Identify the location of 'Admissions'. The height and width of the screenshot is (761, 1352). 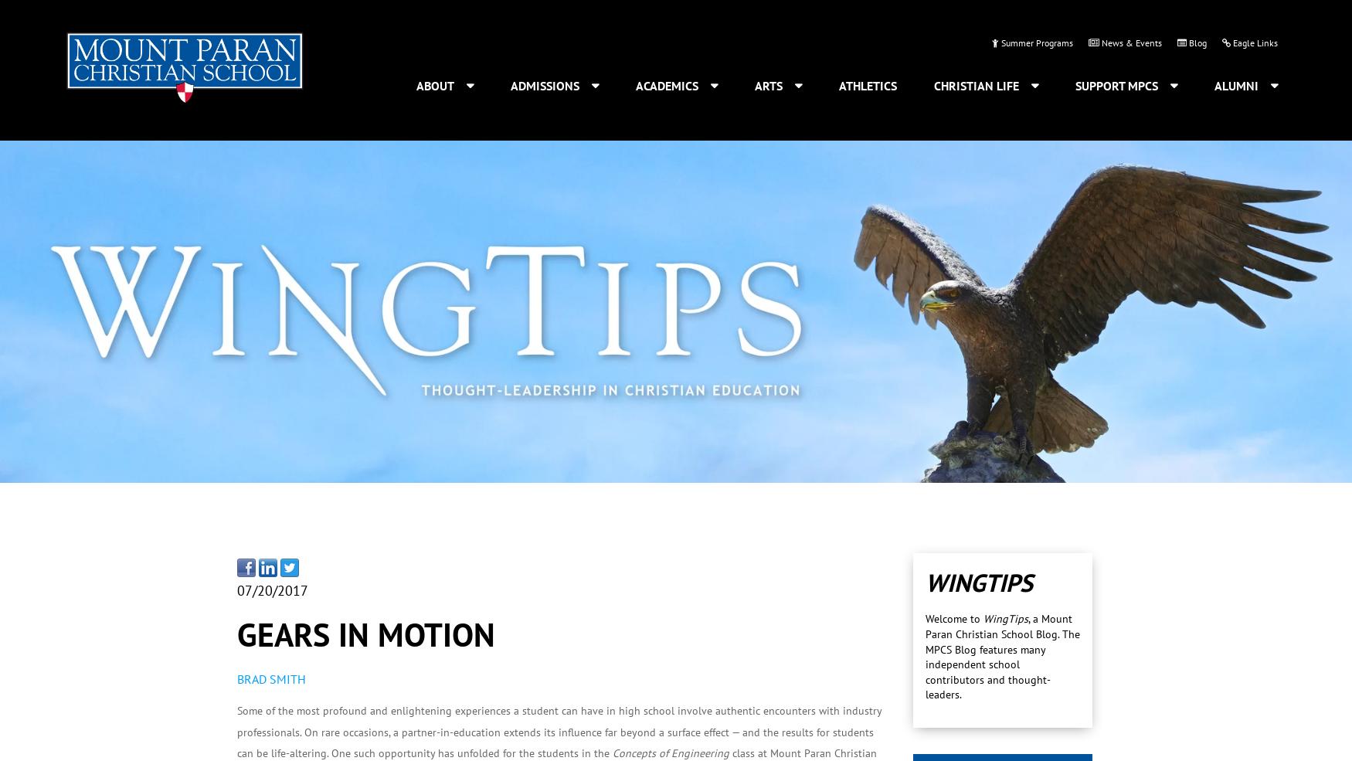
(509, 86).